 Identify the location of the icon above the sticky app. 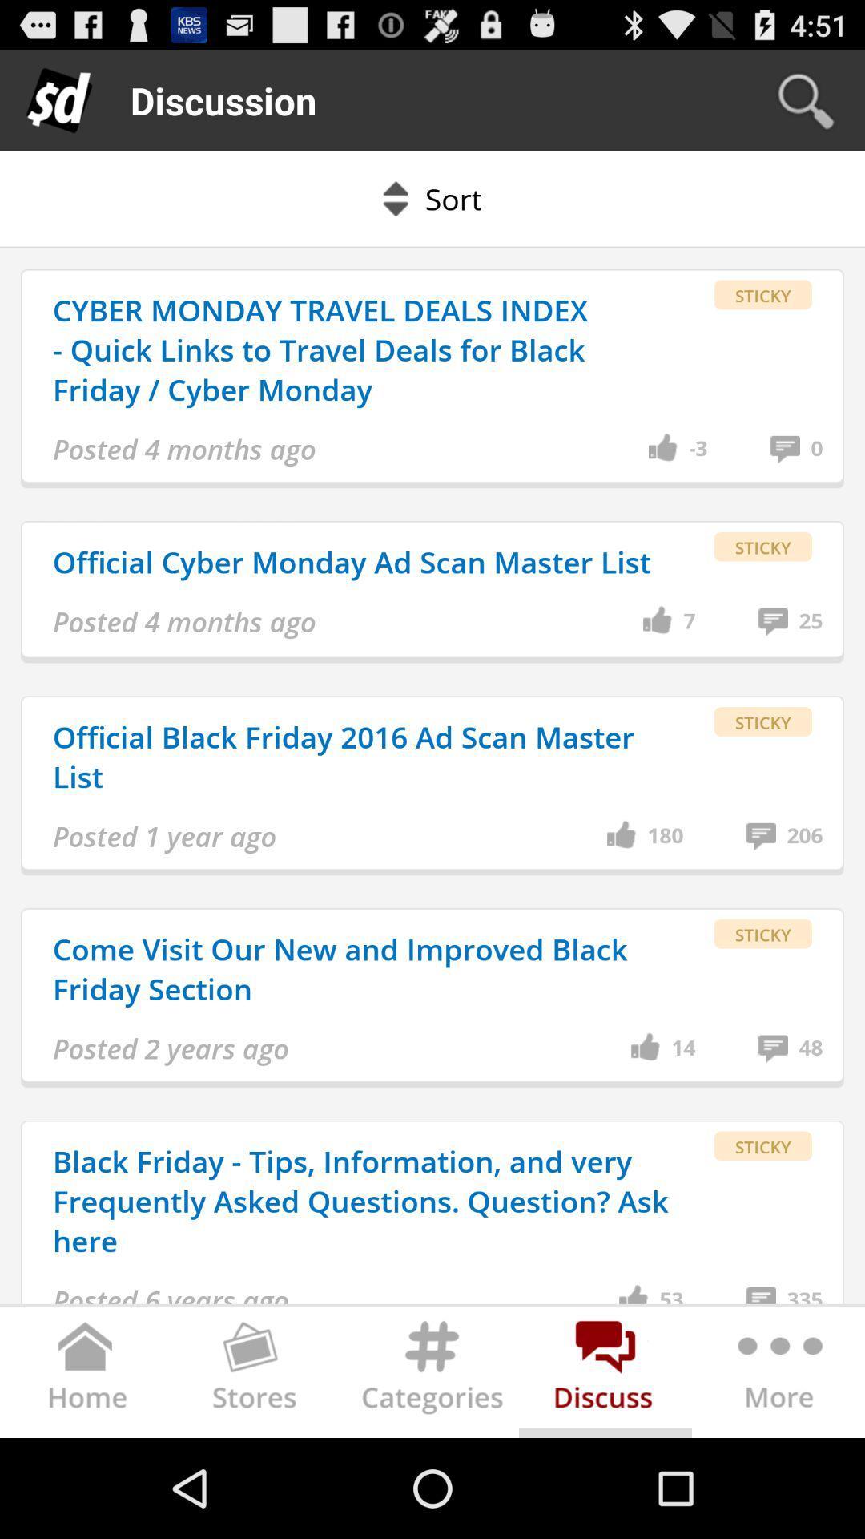
(697, 449).